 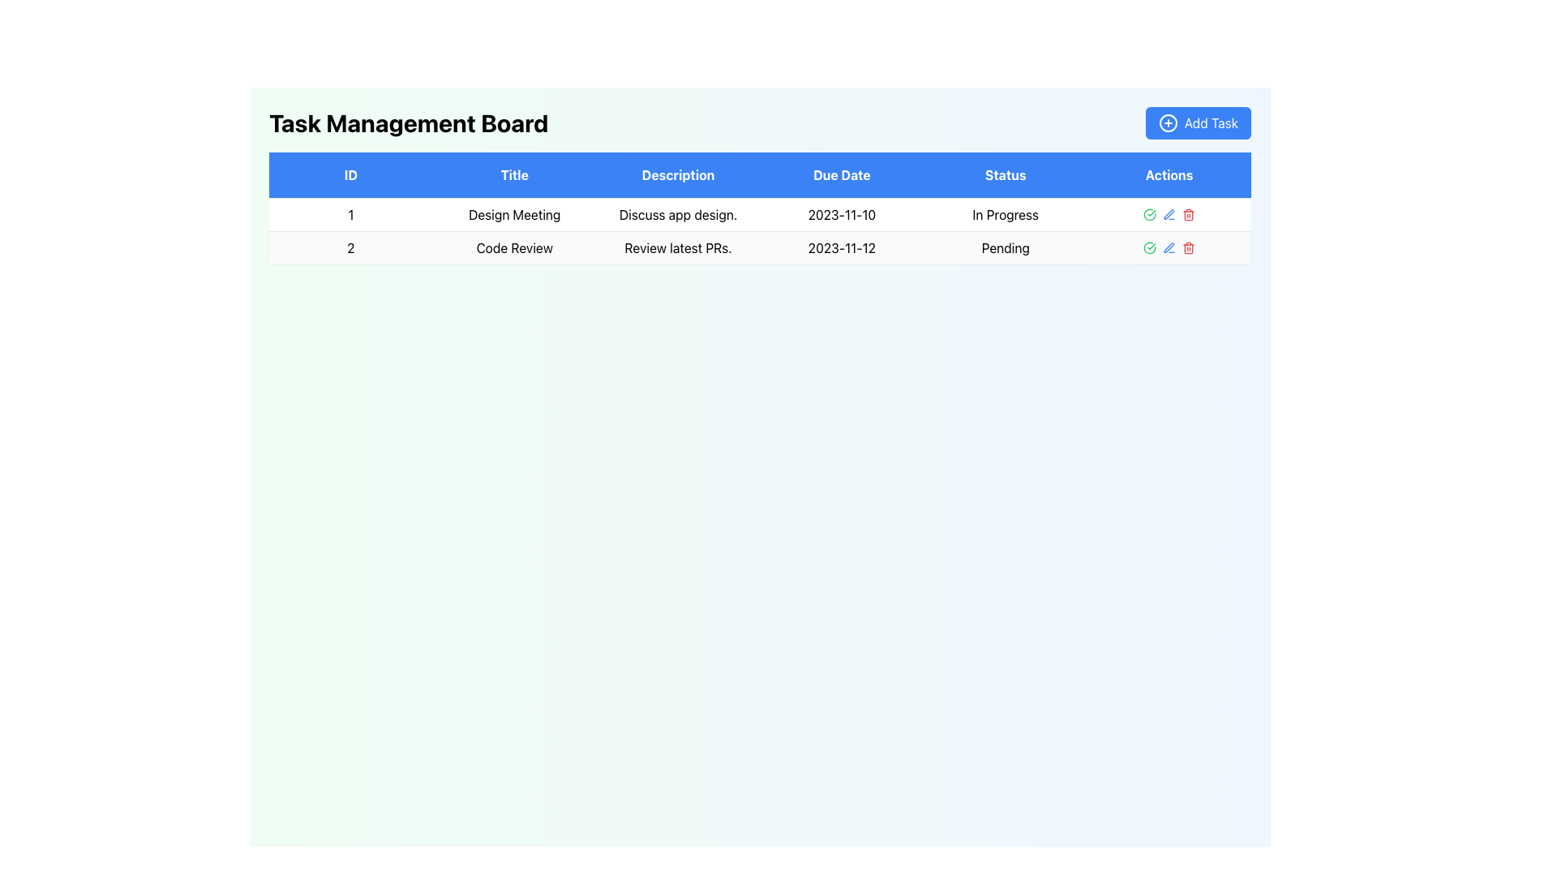 What do you see at coordinates (1189, 214) in the screenshot?
I see `the small red trash bin icon located at the far right of the 'Actions' column in the second row of the table` at bounding box center [1189, 214].